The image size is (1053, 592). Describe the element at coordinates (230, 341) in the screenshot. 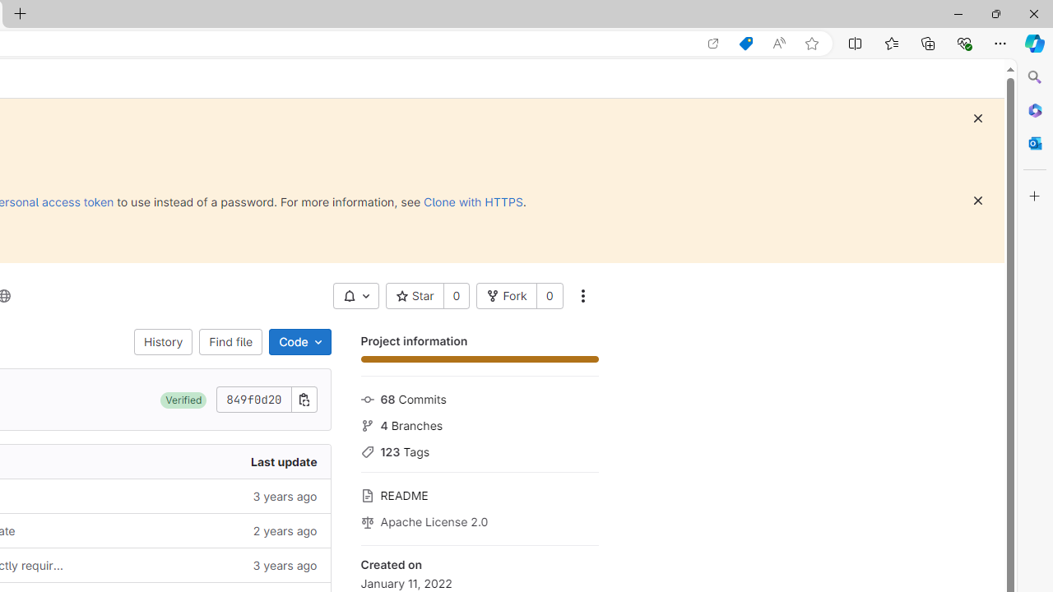

I see `'Find file'` at that location.